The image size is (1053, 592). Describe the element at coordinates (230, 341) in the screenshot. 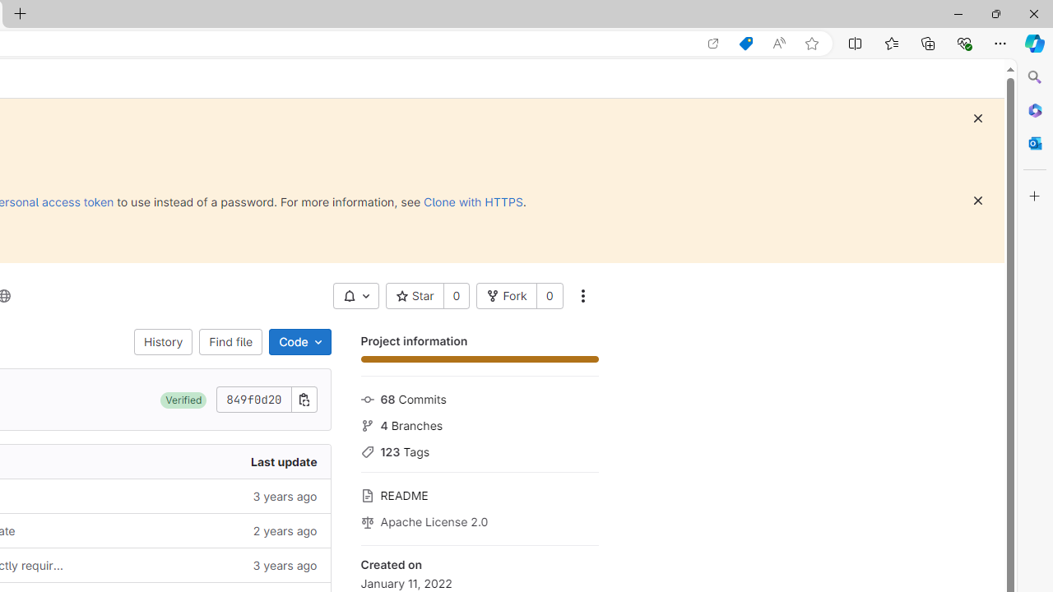

I see `'Find file'` at that location.